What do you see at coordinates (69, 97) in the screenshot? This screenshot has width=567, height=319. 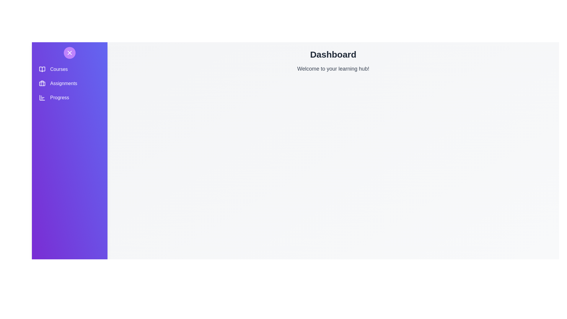 I see `the navigation option Progress to navigate to the corresponding section` at bounding box center [69, 97].